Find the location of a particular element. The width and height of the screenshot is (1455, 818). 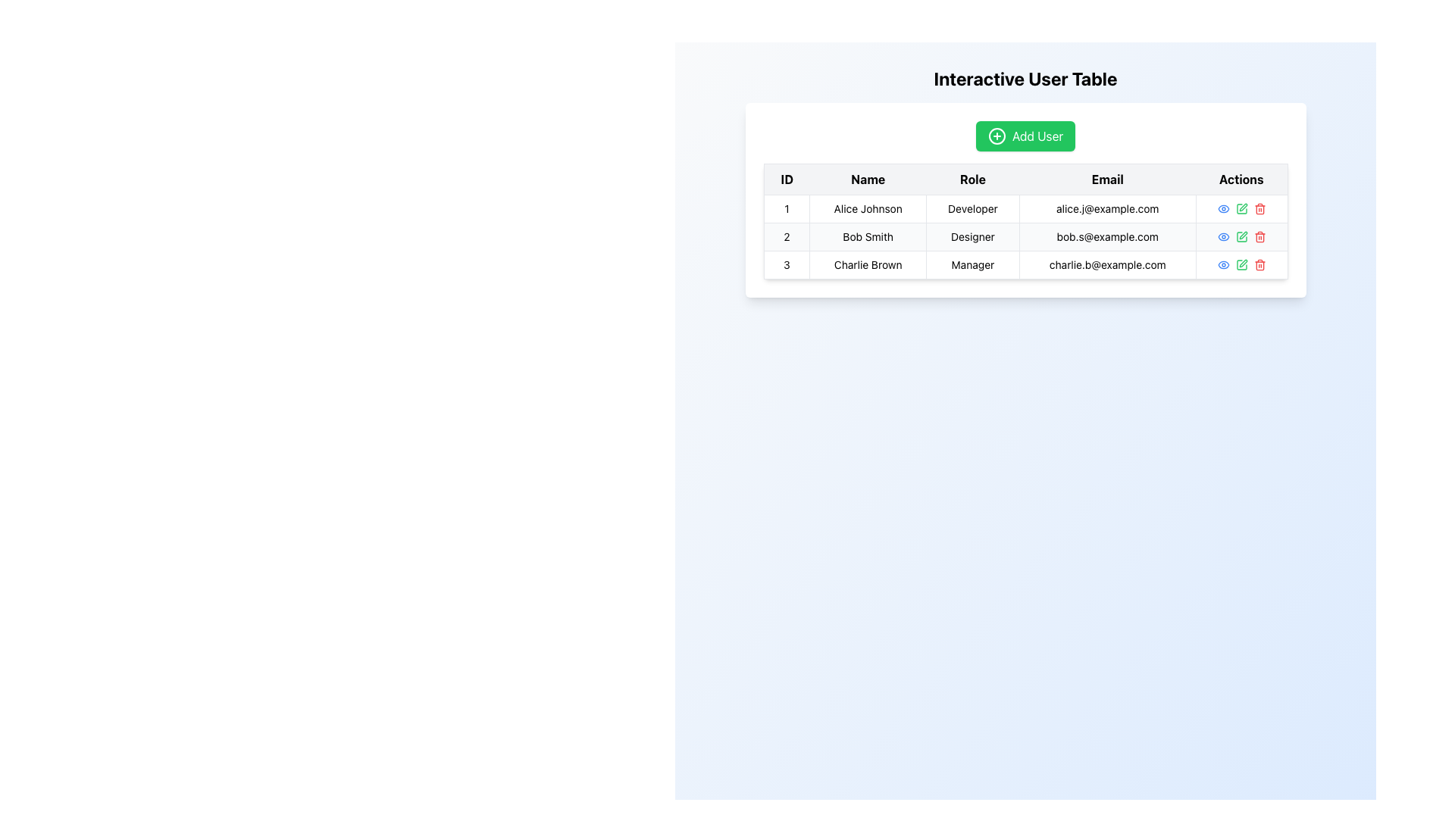

the edit action button represented by a pencil icon is located at coordinates (1241, 209).